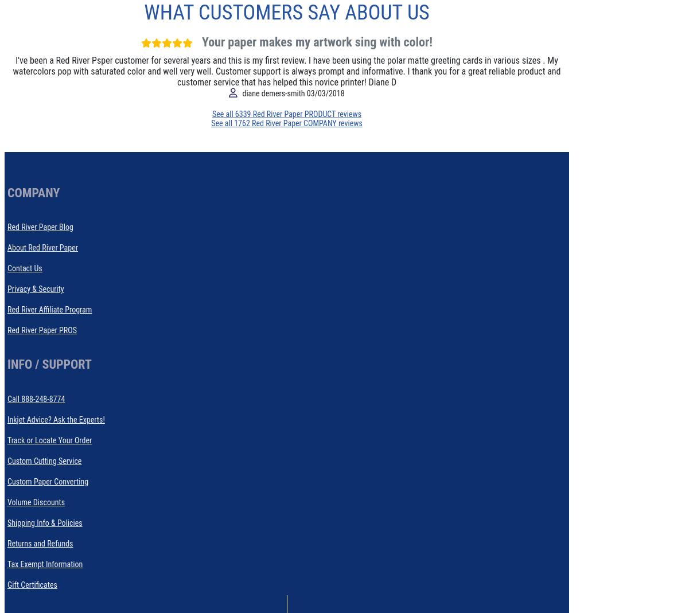 The height and width of the screenshot is (613, 693). What do you see at coordinates (39, 542) in the screenshot?
I see `'Returns and Refunds'` at bounding box center [39, 542].